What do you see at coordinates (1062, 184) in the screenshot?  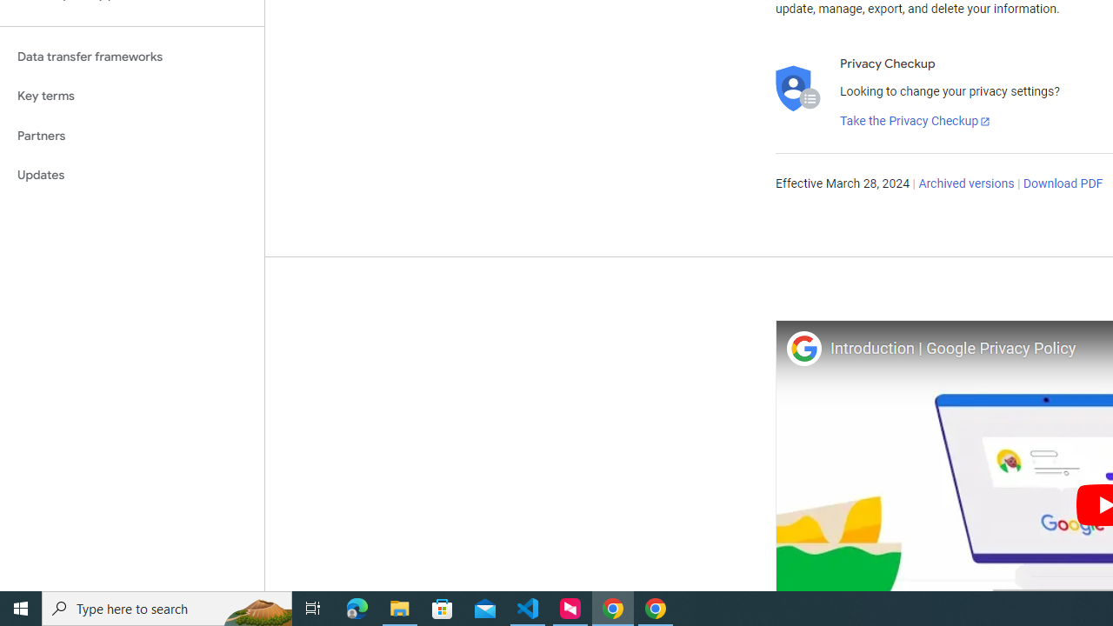 I see `'Download PDF'` at bounding box center [1062, 184].